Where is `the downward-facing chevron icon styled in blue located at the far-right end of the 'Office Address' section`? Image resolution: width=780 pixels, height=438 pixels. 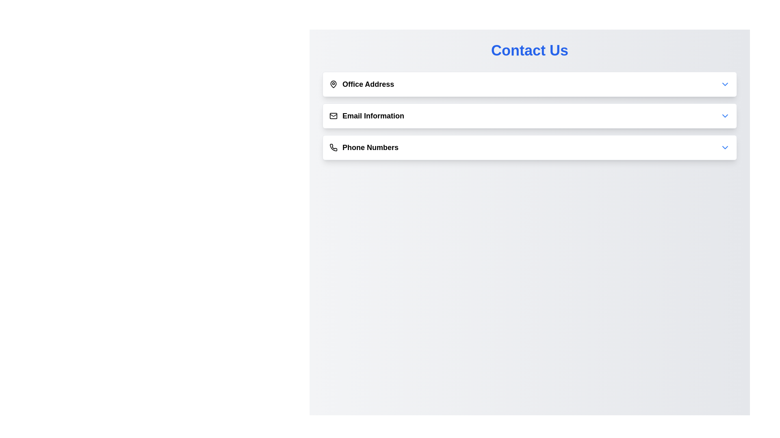
the downward-facing chevron icon styled in blue located at the far-right end of the 'Office Address' section is located at coordinates (725, 84).